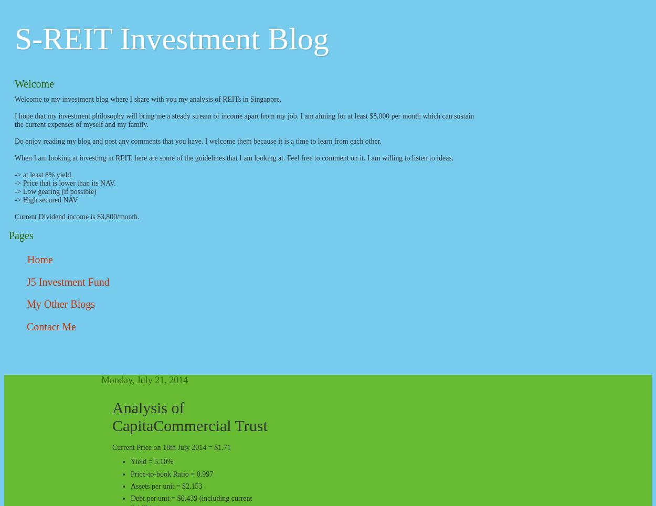 This screenshot has width=656, height=506. I want to click on 'S-REIT Investment Blog', so click(171, 39).